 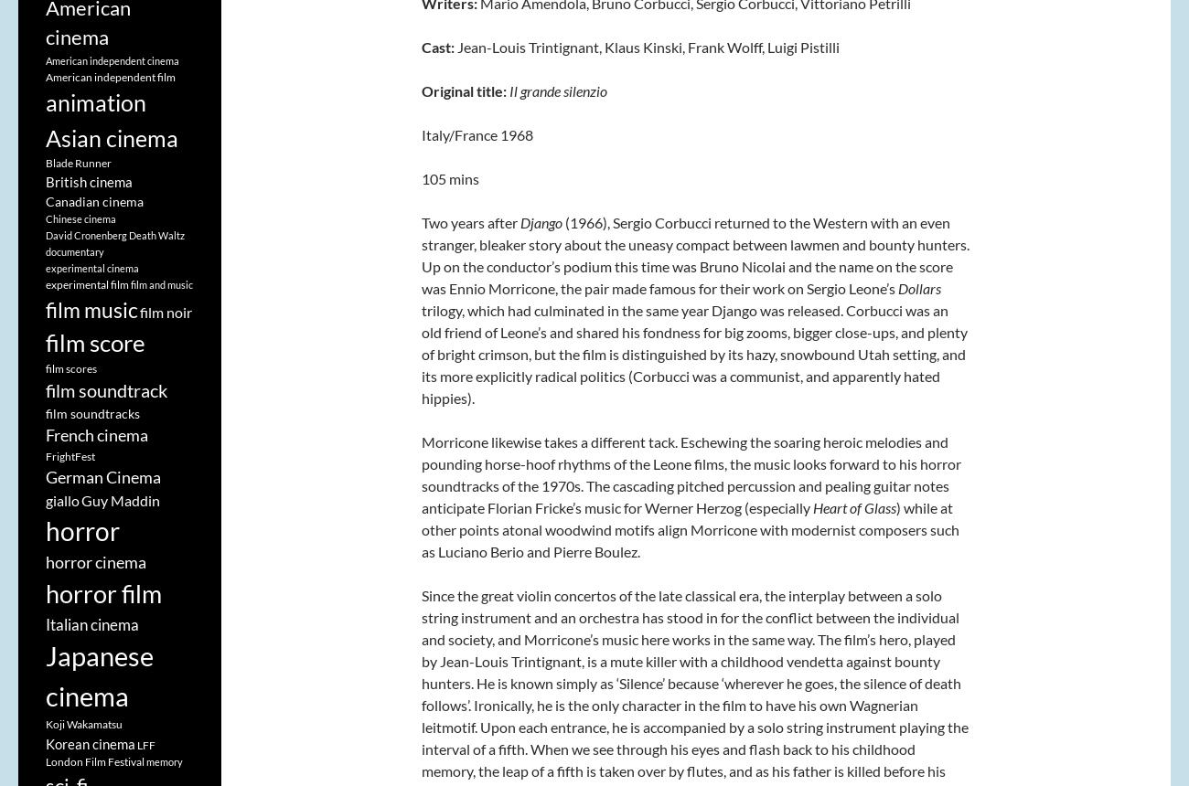 I want to click on 'Guy Maddin', so click(x=81, y=500).